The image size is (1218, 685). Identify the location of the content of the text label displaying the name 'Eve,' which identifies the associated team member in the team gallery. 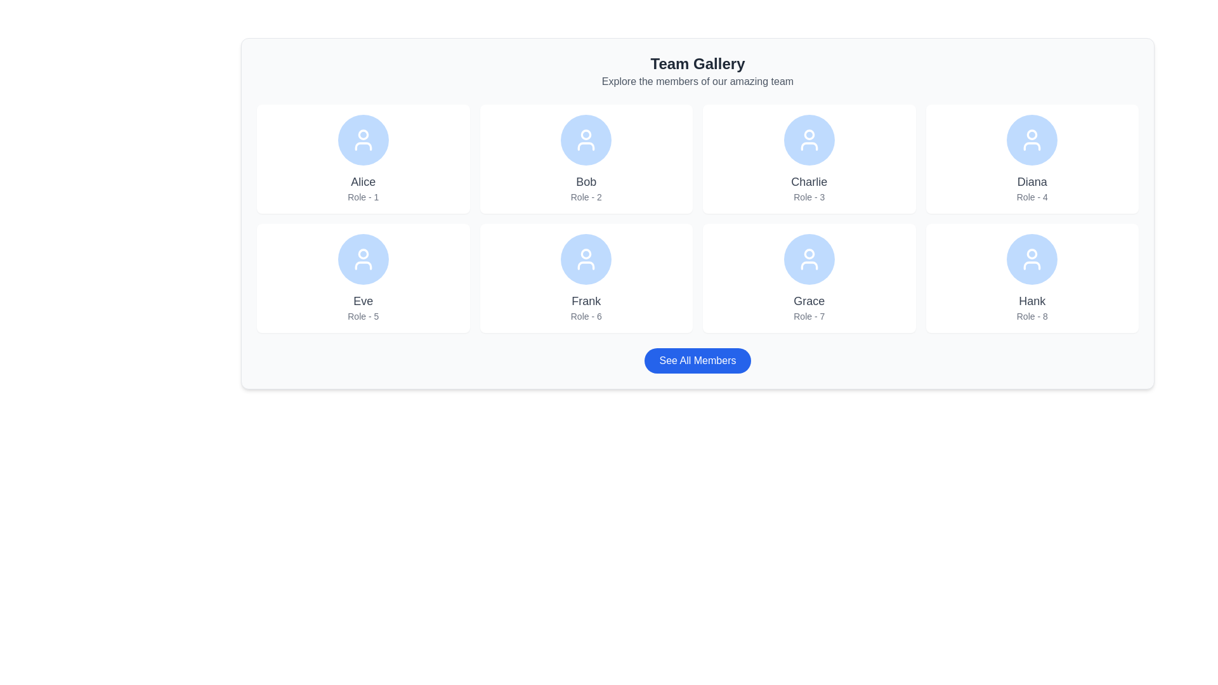
(362, 301).